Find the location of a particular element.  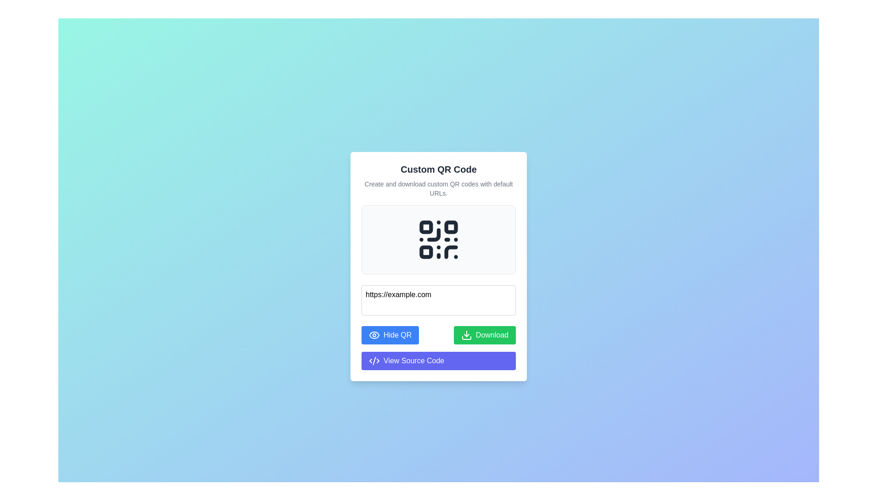

the middle segment of the graphical icon that represents part of a symbolic representation, specifically the Icon component is located at coordinates (374, 360).